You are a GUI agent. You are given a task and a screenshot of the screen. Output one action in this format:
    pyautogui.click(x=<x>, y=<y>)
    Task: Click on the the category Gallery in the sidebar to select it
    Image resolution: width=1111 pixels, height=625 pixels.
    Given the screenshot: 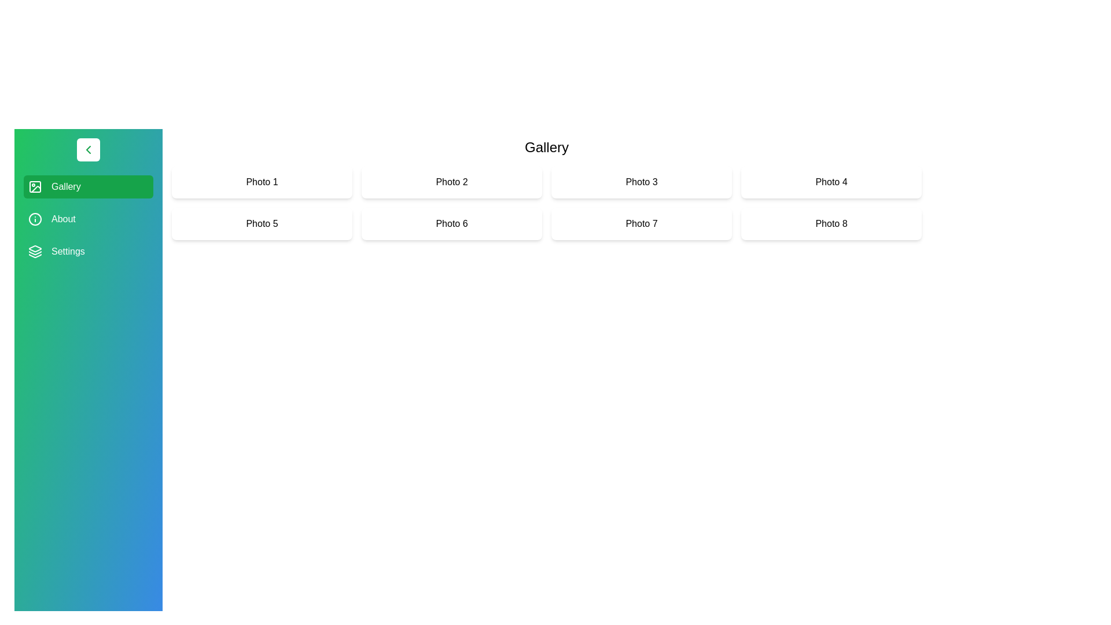 What is the action you would take?
    pyautogui.click(x=88, y=186)
    